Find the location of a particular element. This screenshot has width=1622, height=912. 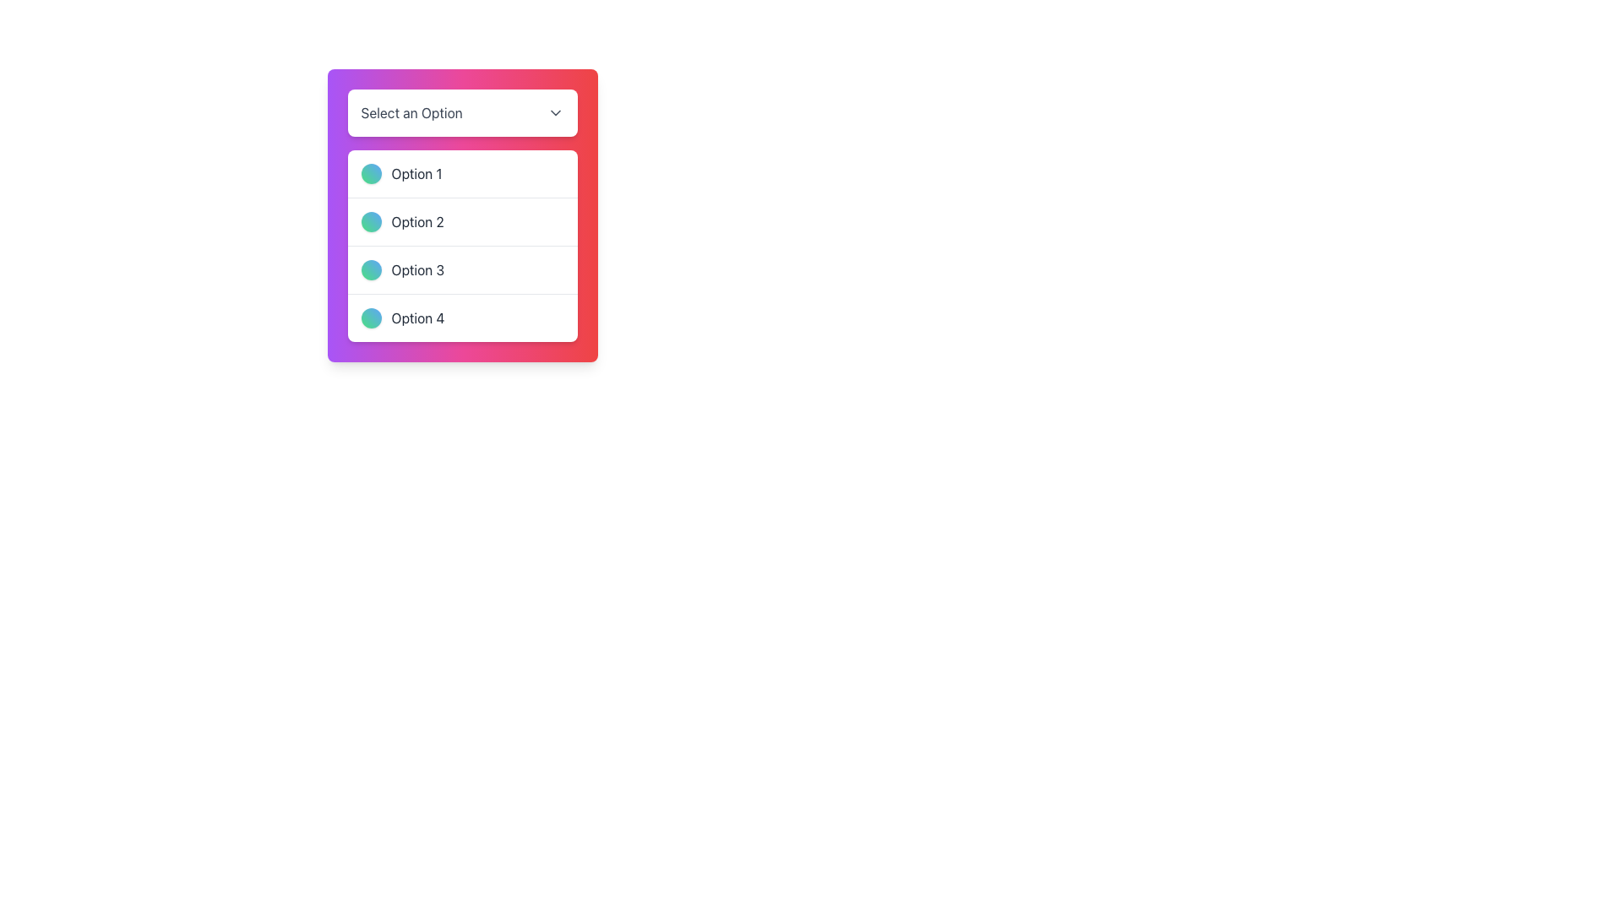

the selectable item 'Option 2' is located at coordinates (462, 246).